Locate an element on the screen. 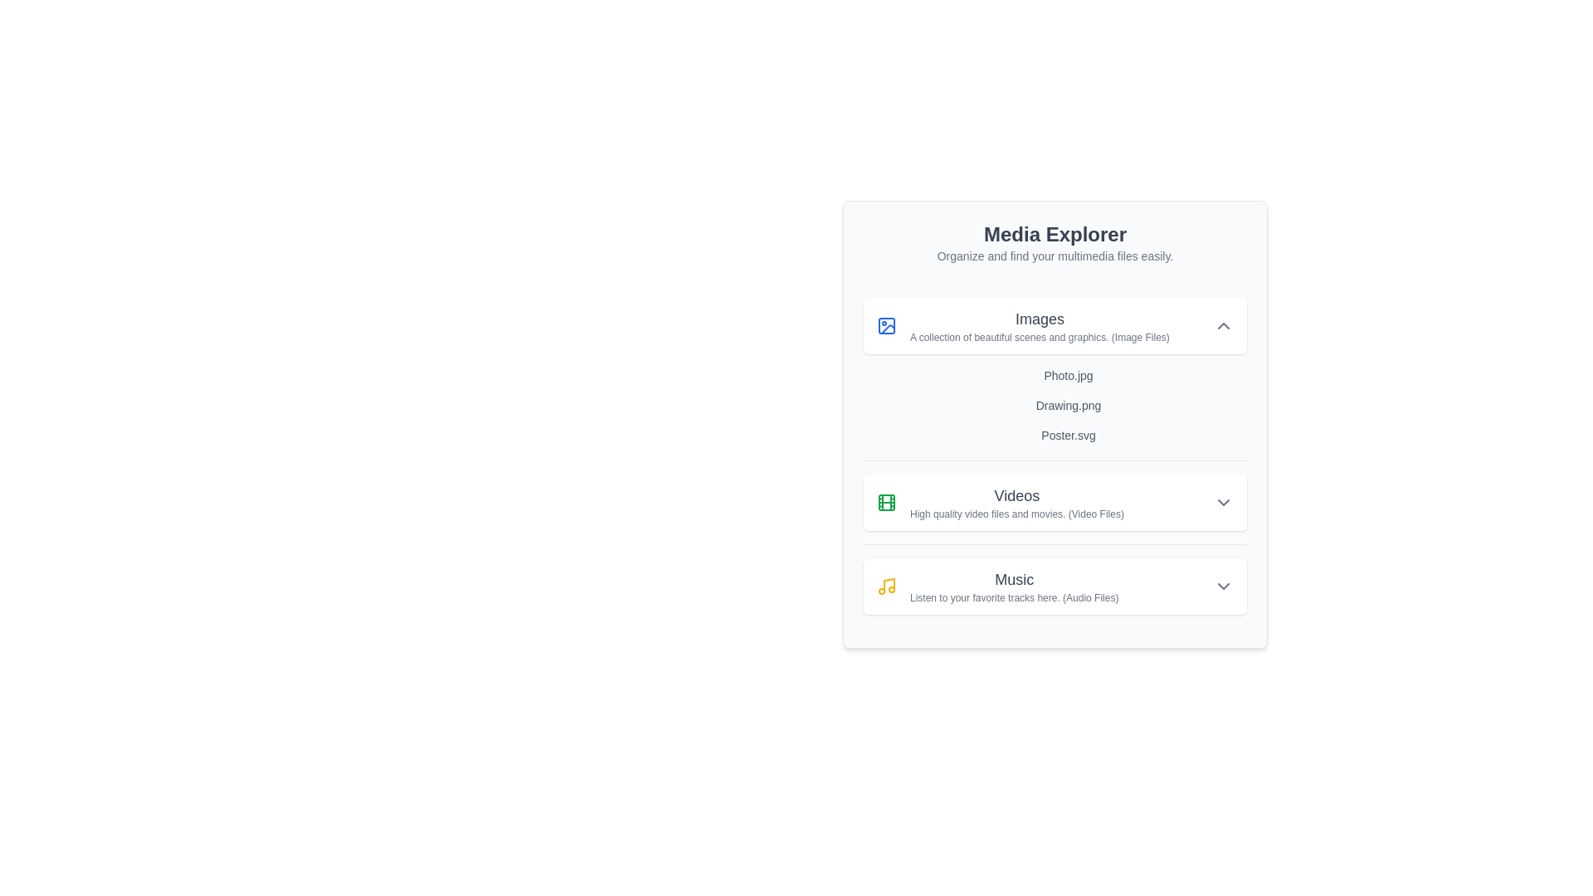  the List item with icon and text that is centrally positioned in a vertically stacked layout, located between the 'Images' and 'Music' sections is located at coordinates (999, 501).